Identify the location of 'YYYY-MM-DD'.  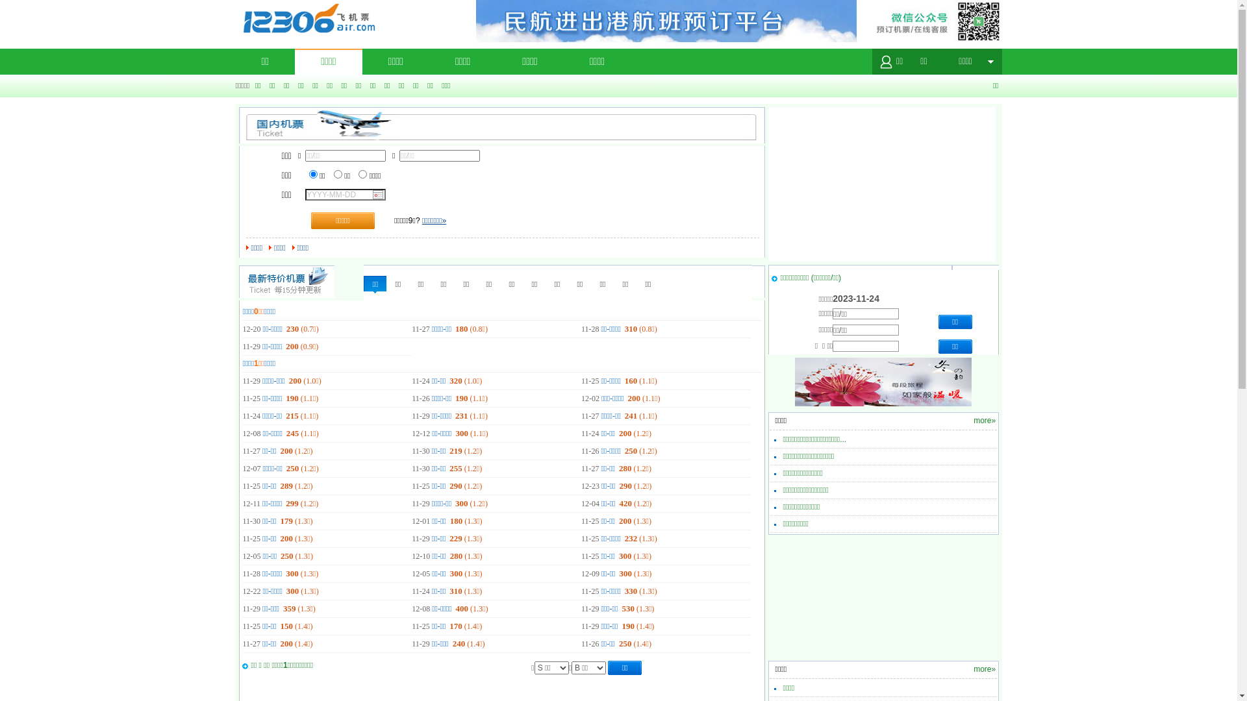
(346, 195).